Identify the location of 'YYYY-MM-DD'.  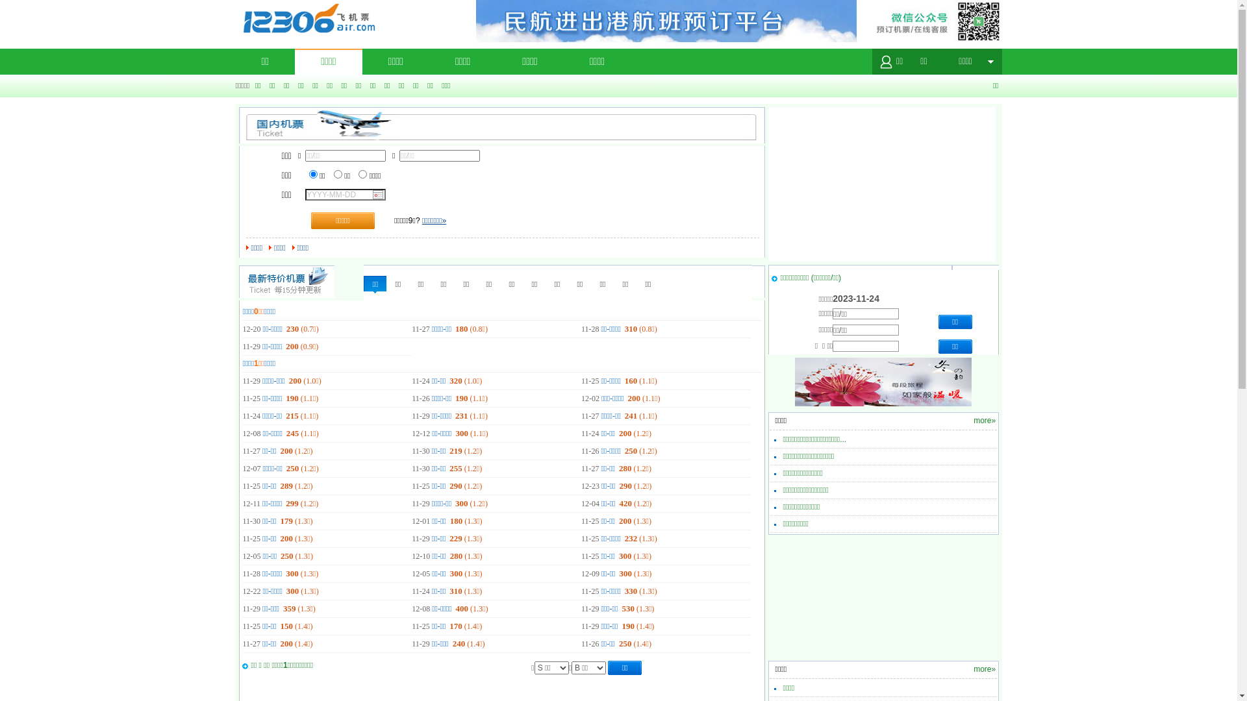
(346, 195).